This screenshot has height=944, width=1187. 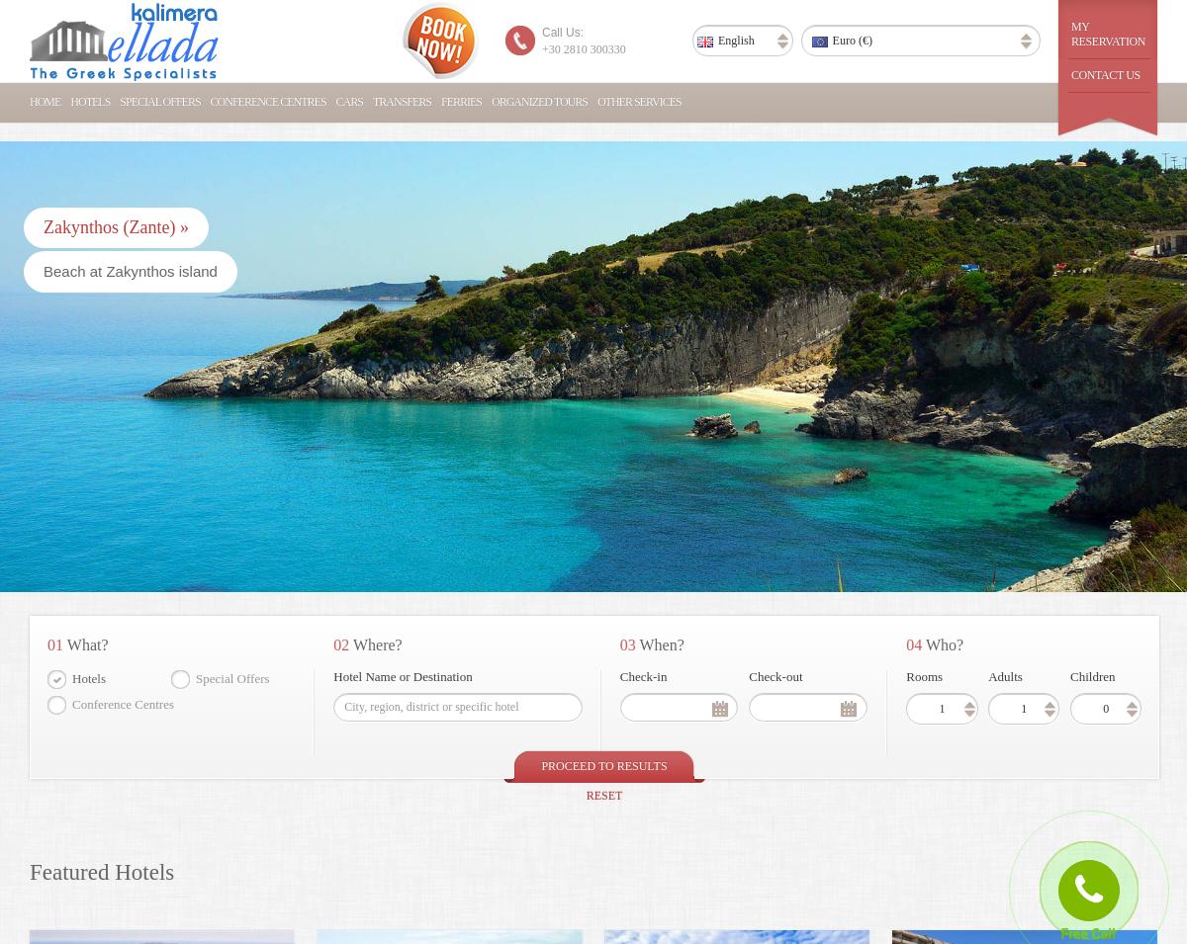 What do you see at coordinates (348, 101) in the screenshot?
I see `'Cars'` at bounding box center [348, 101].